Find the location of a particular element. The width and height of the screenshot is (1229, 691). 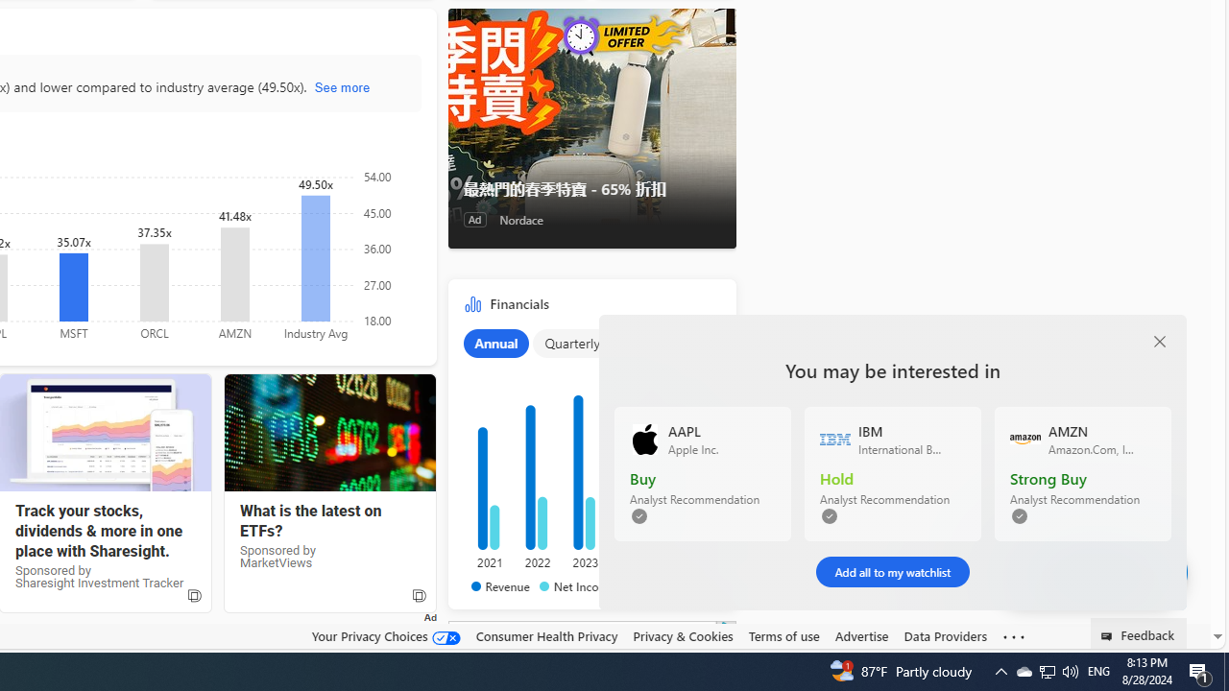

'Class: chartOuter-DS-EntryPoint1-1' is located at coordinates (587, 460).